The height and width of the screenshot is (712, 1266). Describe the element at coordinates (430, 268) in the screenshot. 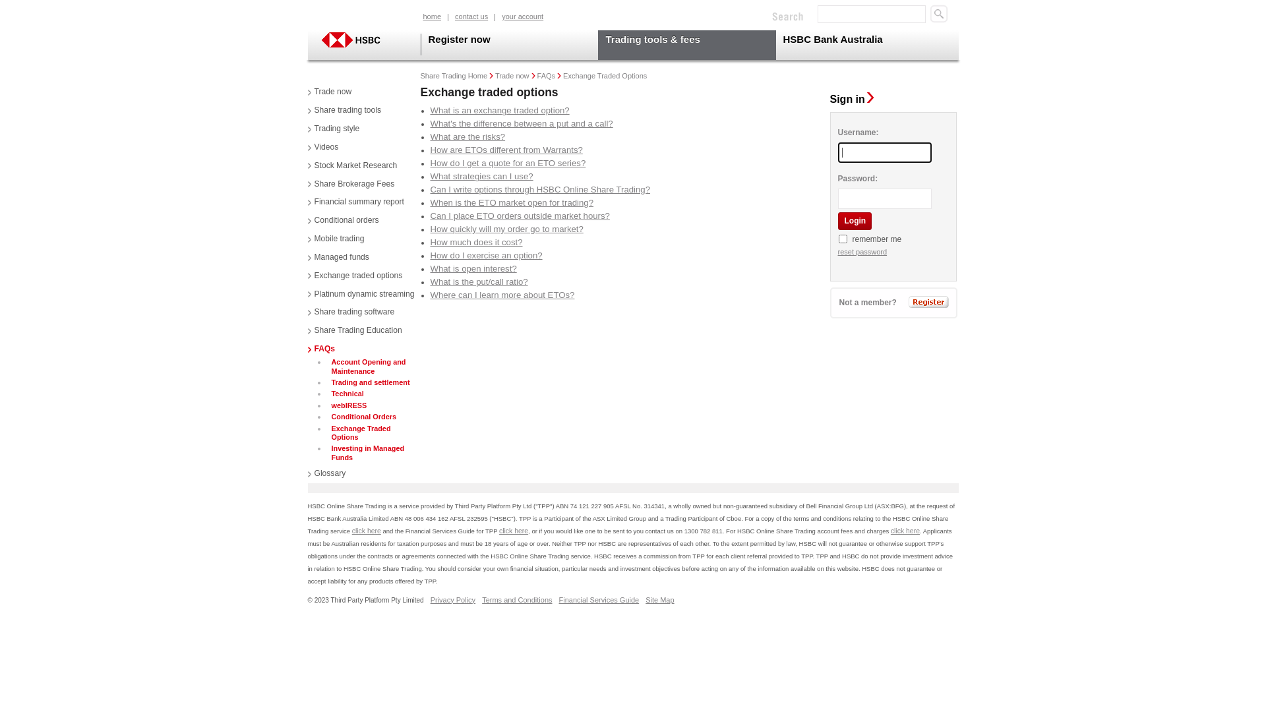

I see `'What is open interest?'` at that location.